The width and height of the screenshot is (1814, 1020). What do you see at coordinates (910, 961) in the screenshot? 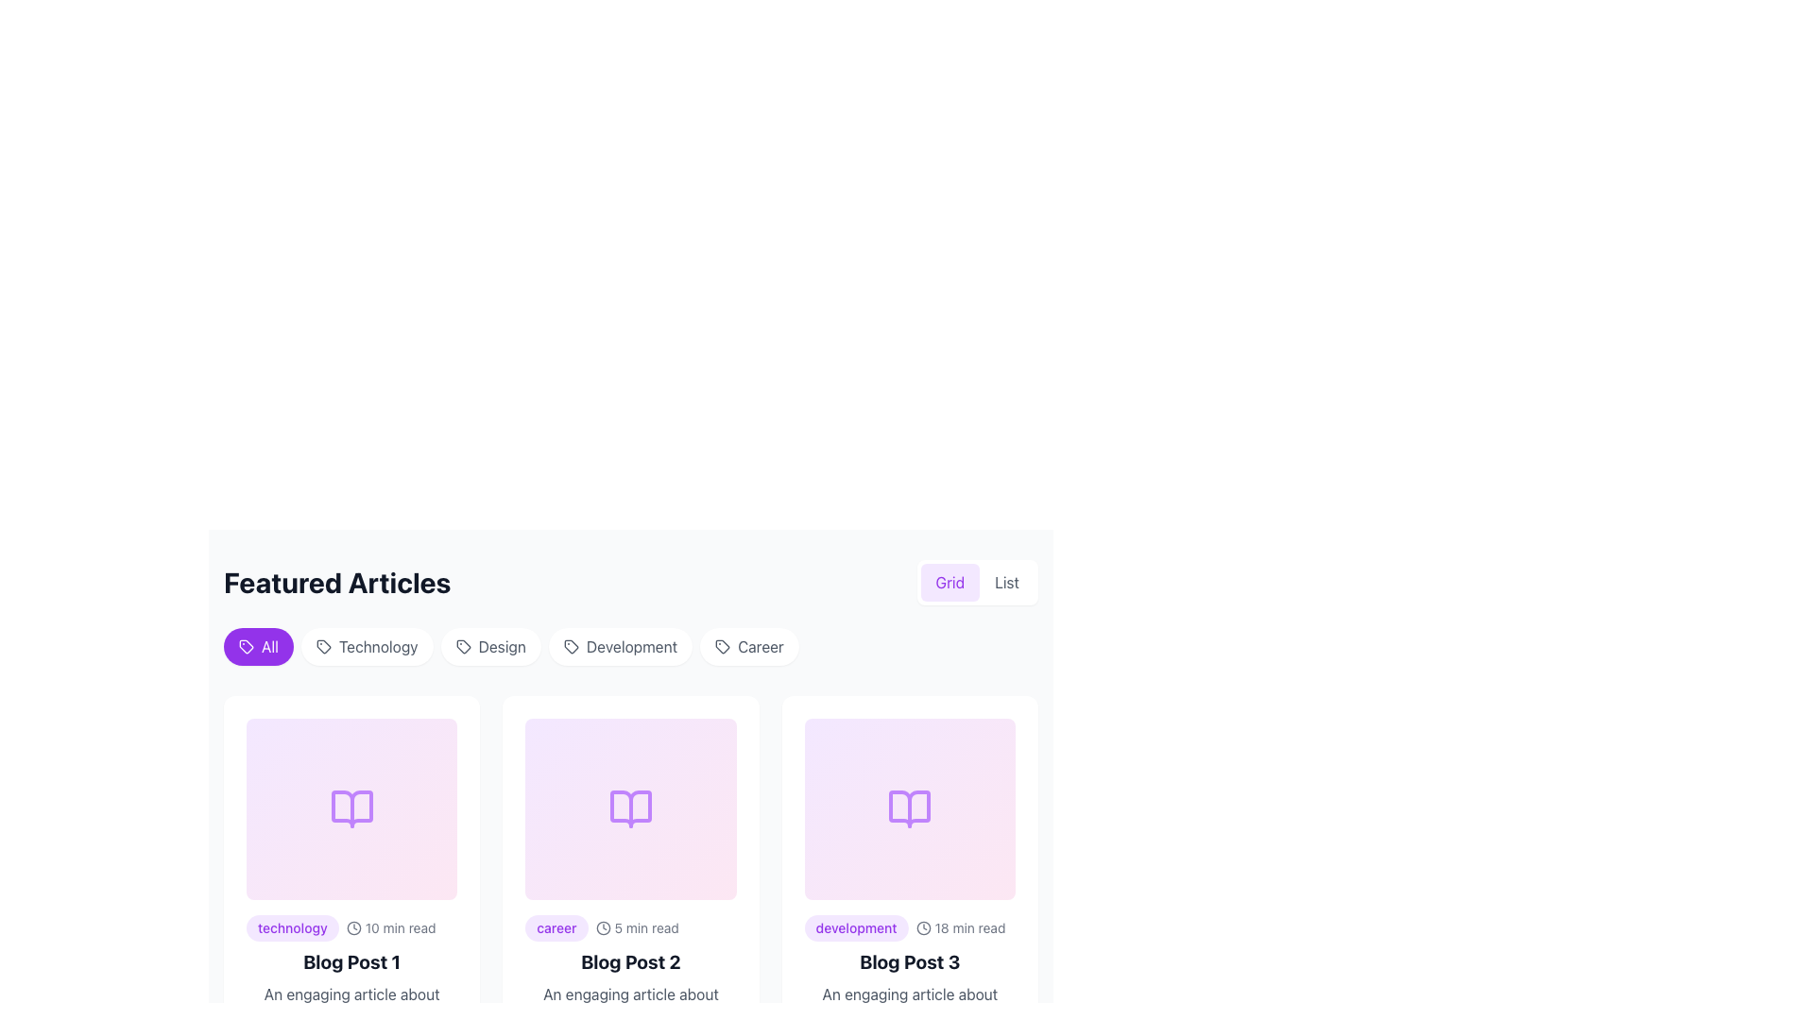
I see `text displayed in the heading of the third article card, located below the metadata about the development tag and reading duration` at bounding box center [910, 961].